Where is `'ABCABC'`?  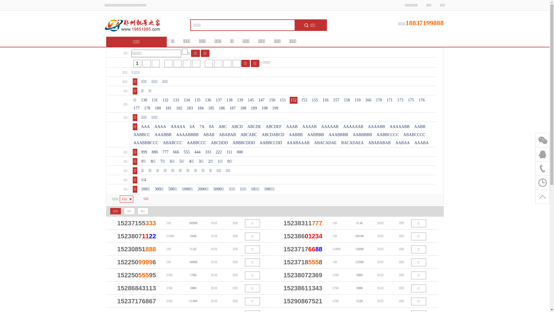 'ABCABC' is located at coordinates (249, 135).